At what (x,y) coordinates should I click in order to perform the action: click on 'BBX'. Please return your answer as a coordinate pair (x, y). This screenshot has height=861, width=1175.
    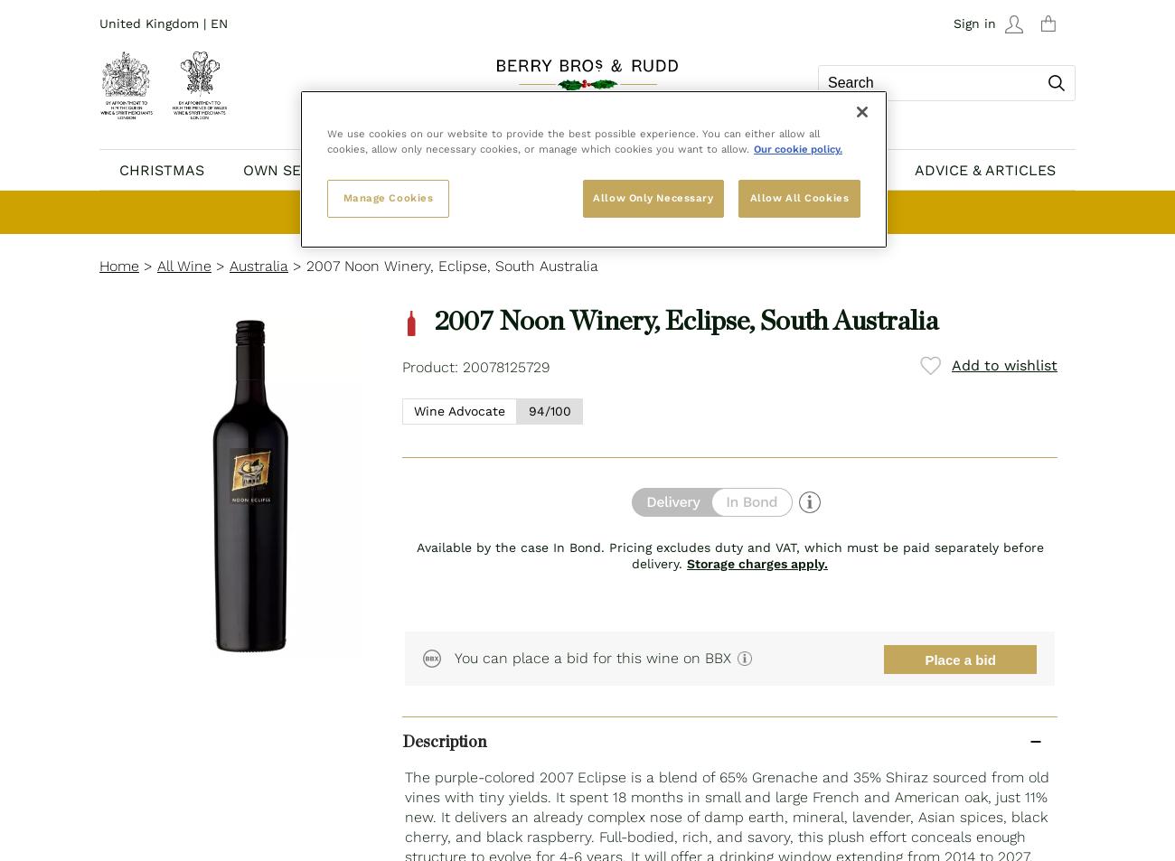
    Looking at the image, I should click on (673, 169).